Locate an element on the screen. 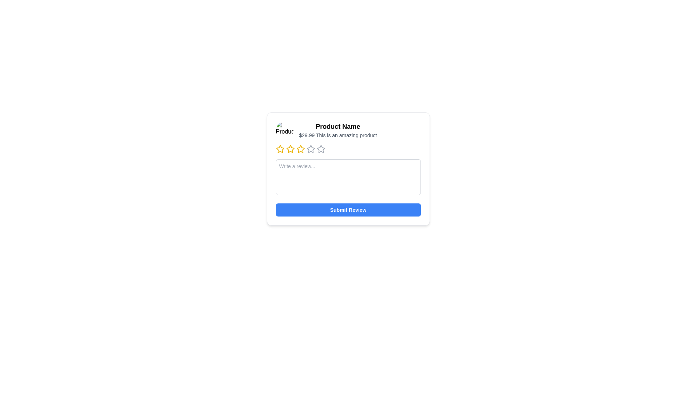  the static text display that shows the price and product description, located directly below the 'Product Name' title is located at coordinates (337, 135).